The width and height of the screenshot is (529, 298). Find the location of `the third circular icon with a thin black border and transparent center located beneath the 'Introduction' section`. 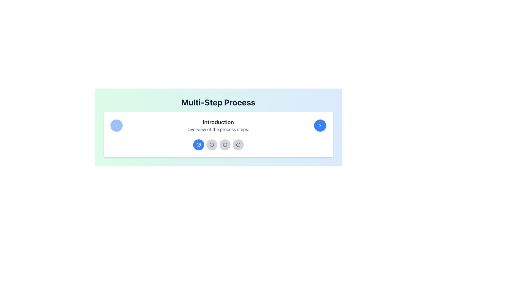

the third circular icon with a thin black border and transparent center located beneath the 'Introduction' section is located at coordinates (238, 144).